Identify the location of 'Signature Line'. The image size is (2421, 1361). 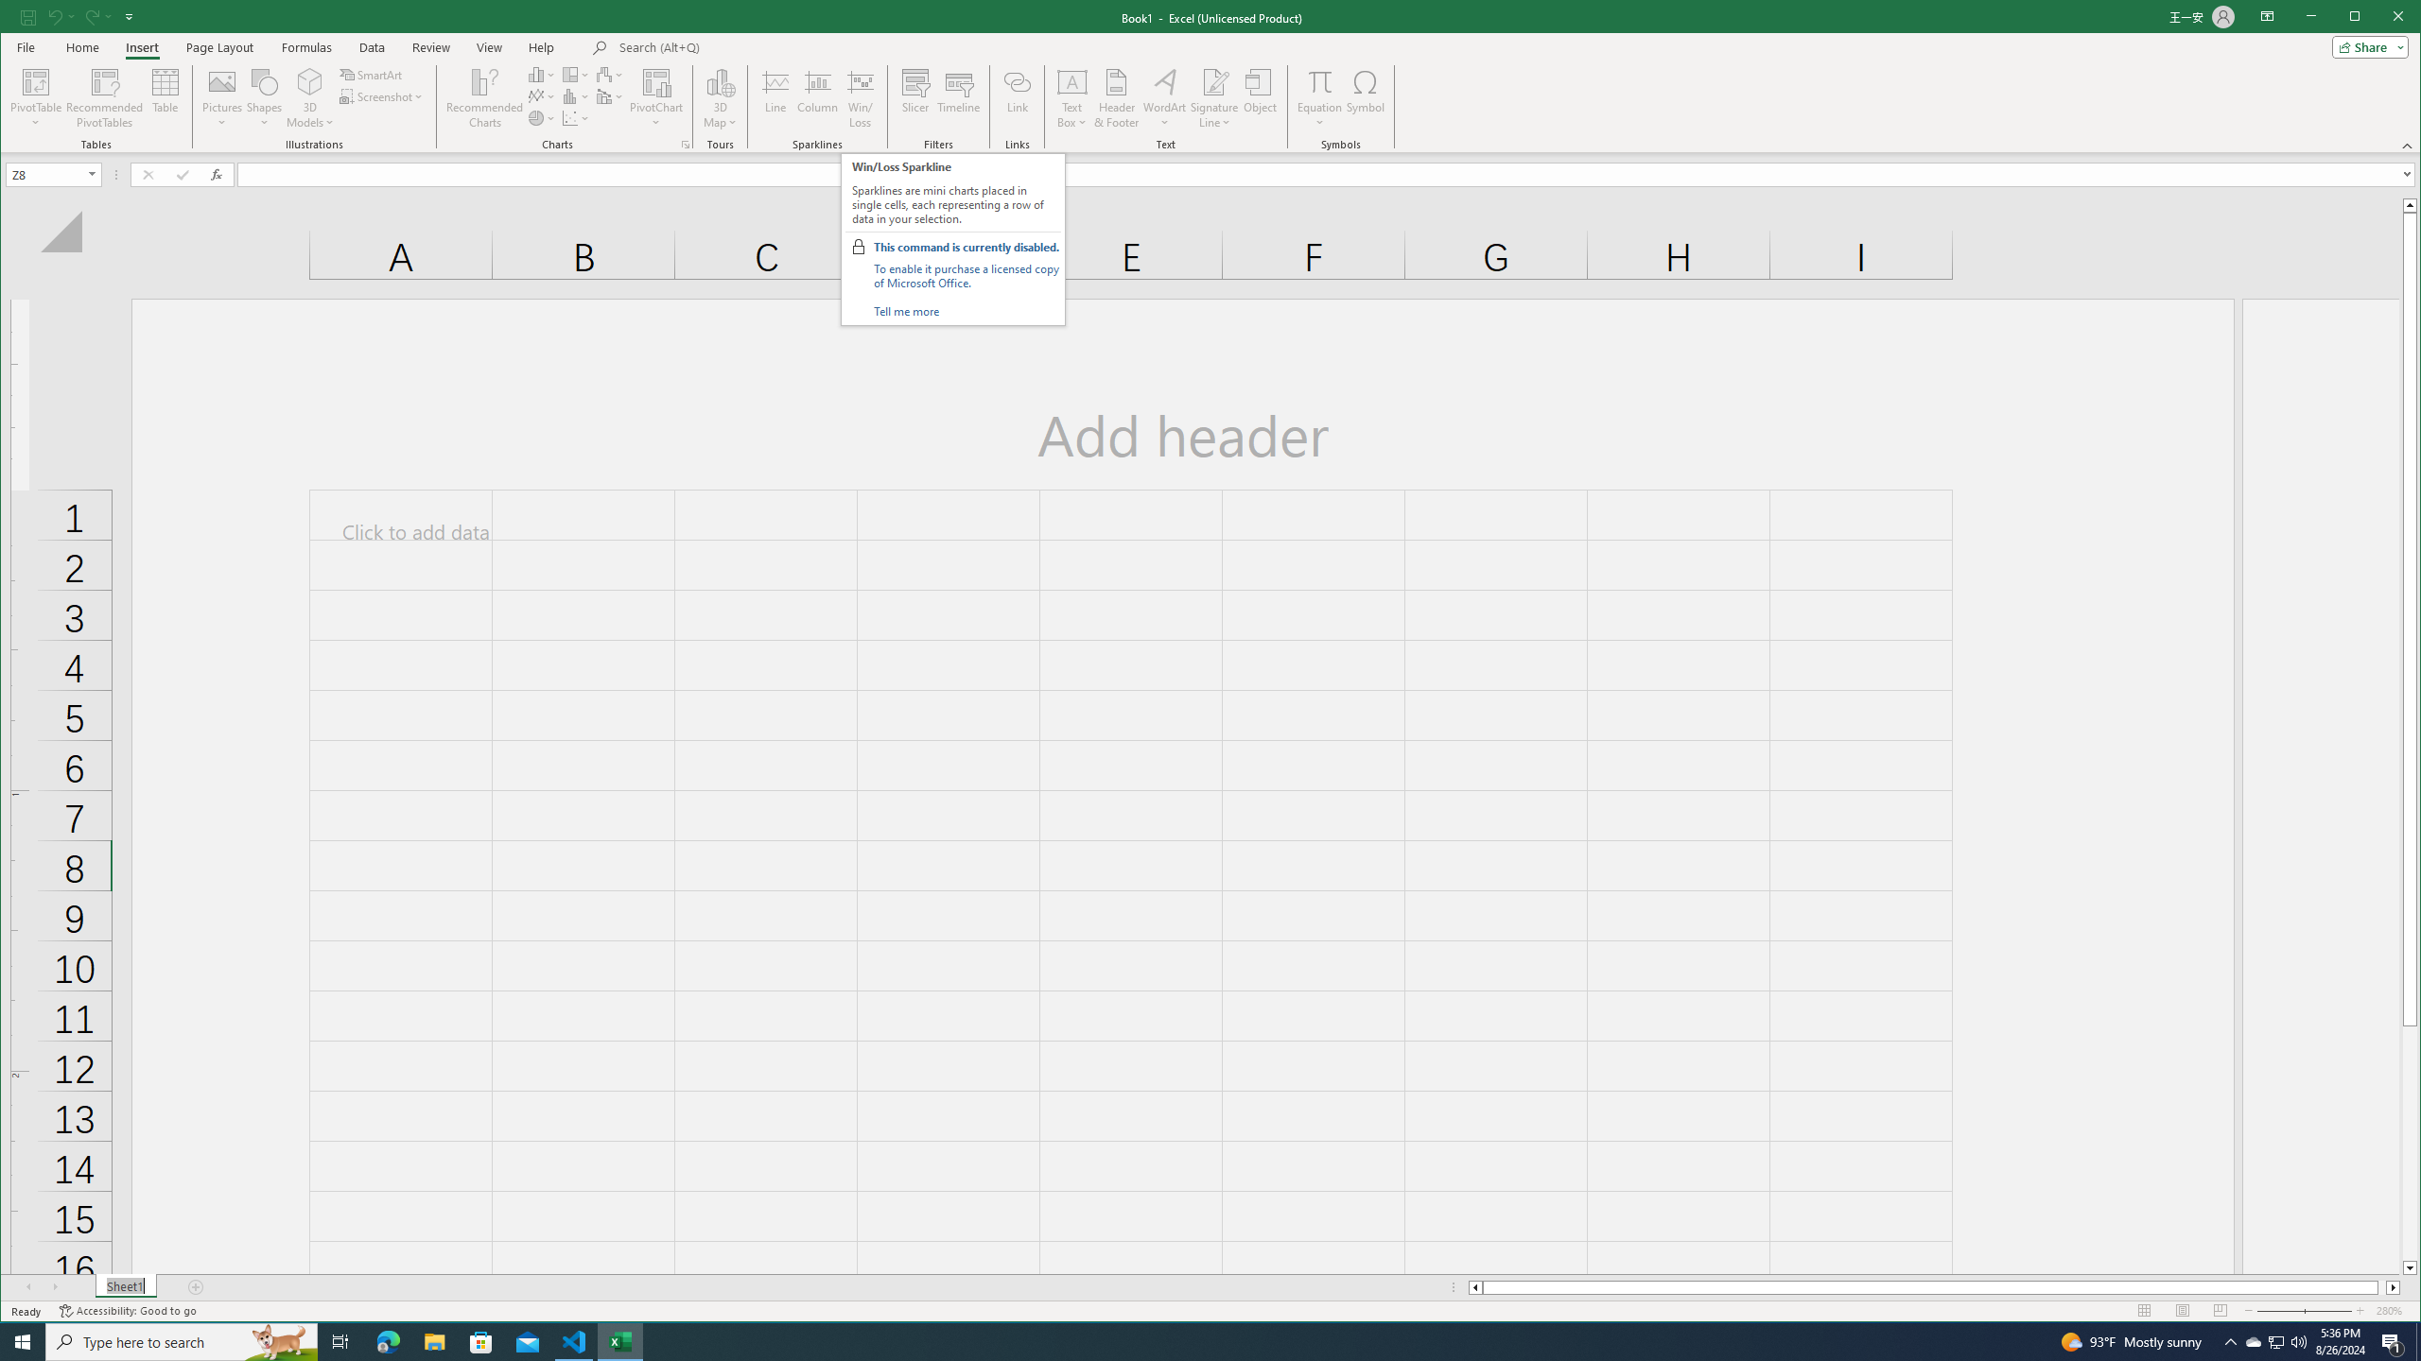
(1213, 97).